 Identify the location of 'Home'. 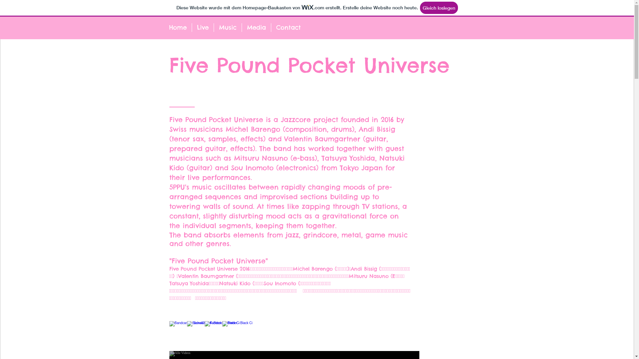
(163, 27).